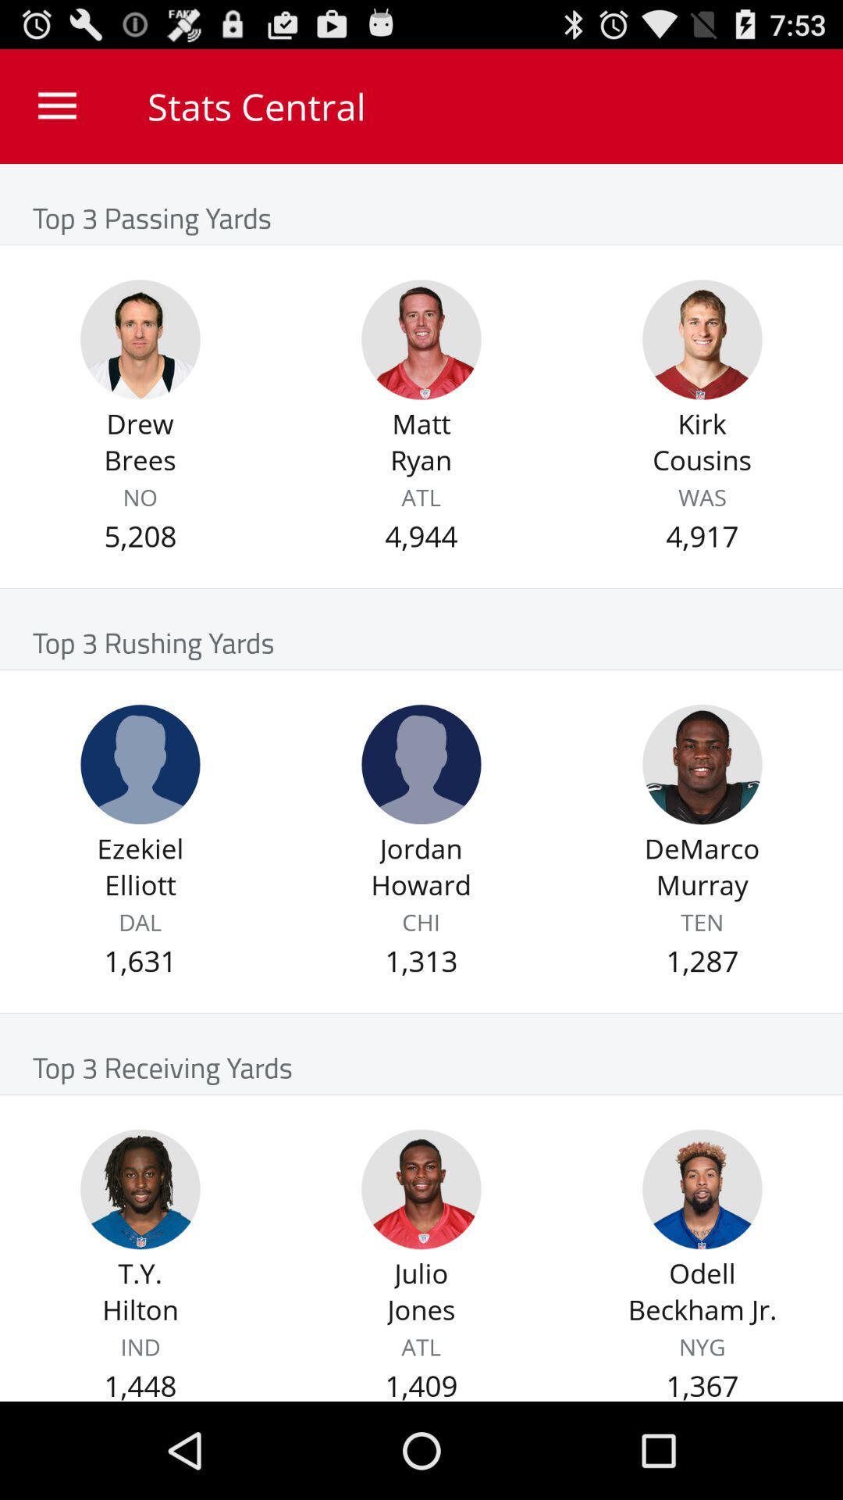  I want to click on drew brees top 3 passing yards, so click(140, 339).